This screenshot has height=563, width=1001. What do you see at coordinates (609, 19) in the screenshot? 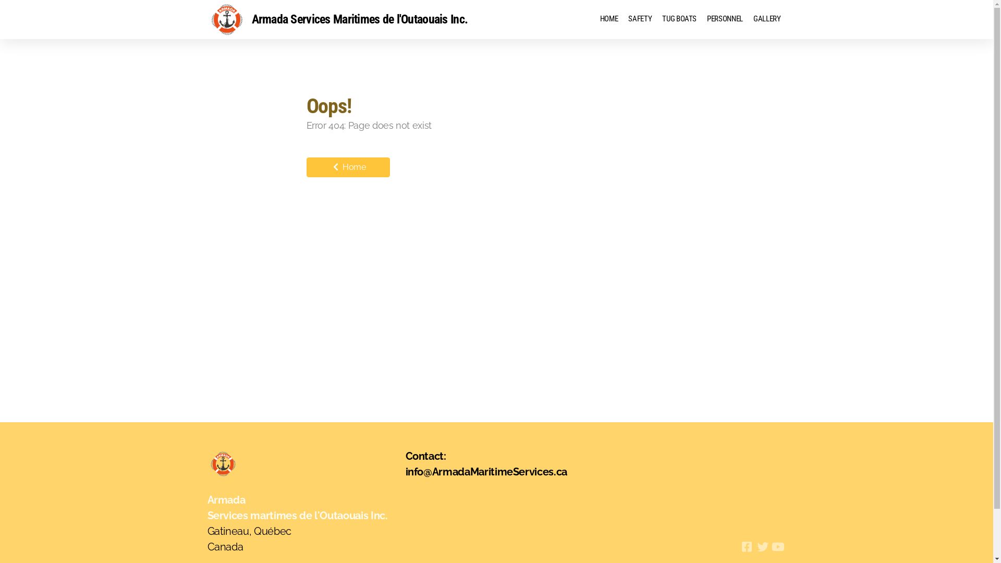
I see `'HOME'` at bounding box center [609, 19].